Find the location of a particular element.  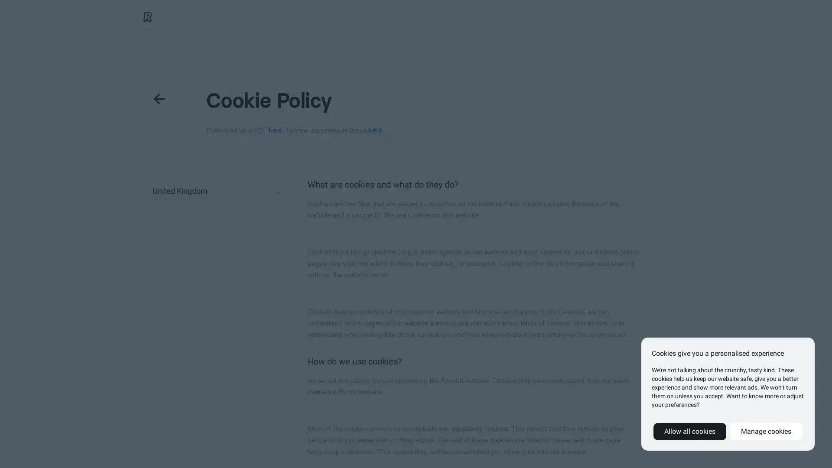

Allow all cookies is located at coordinates (689, 431).